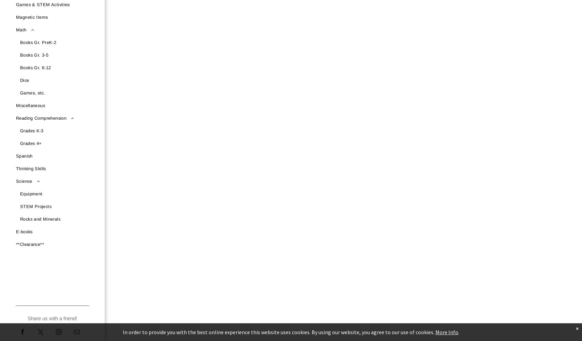  What do you see at coordinates (16, 181) in the screenshot?
I see `'Science'` at bounding box center [16, 181].